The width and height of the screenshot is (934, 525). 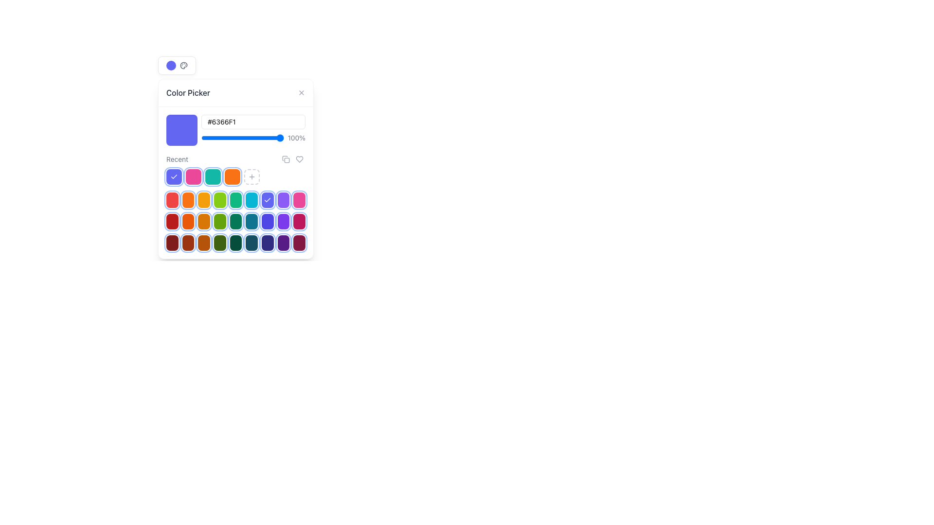 What do you see at coordinates (188, 243) in the screenshot?
I see `the medium-sized square color swatch with rounded corners, styled in deep red` at bounding box center [188, 243].